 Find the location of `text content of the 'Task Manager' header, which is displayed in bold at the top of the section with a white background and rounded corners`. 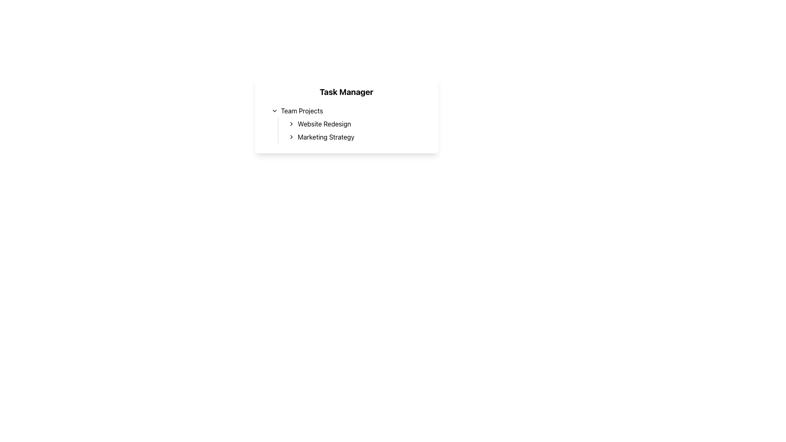

text content of the 'Task Manager' header, which is displayed in bold at the top of the section with a white background and rounded corners is located at coordinates (346, 92).